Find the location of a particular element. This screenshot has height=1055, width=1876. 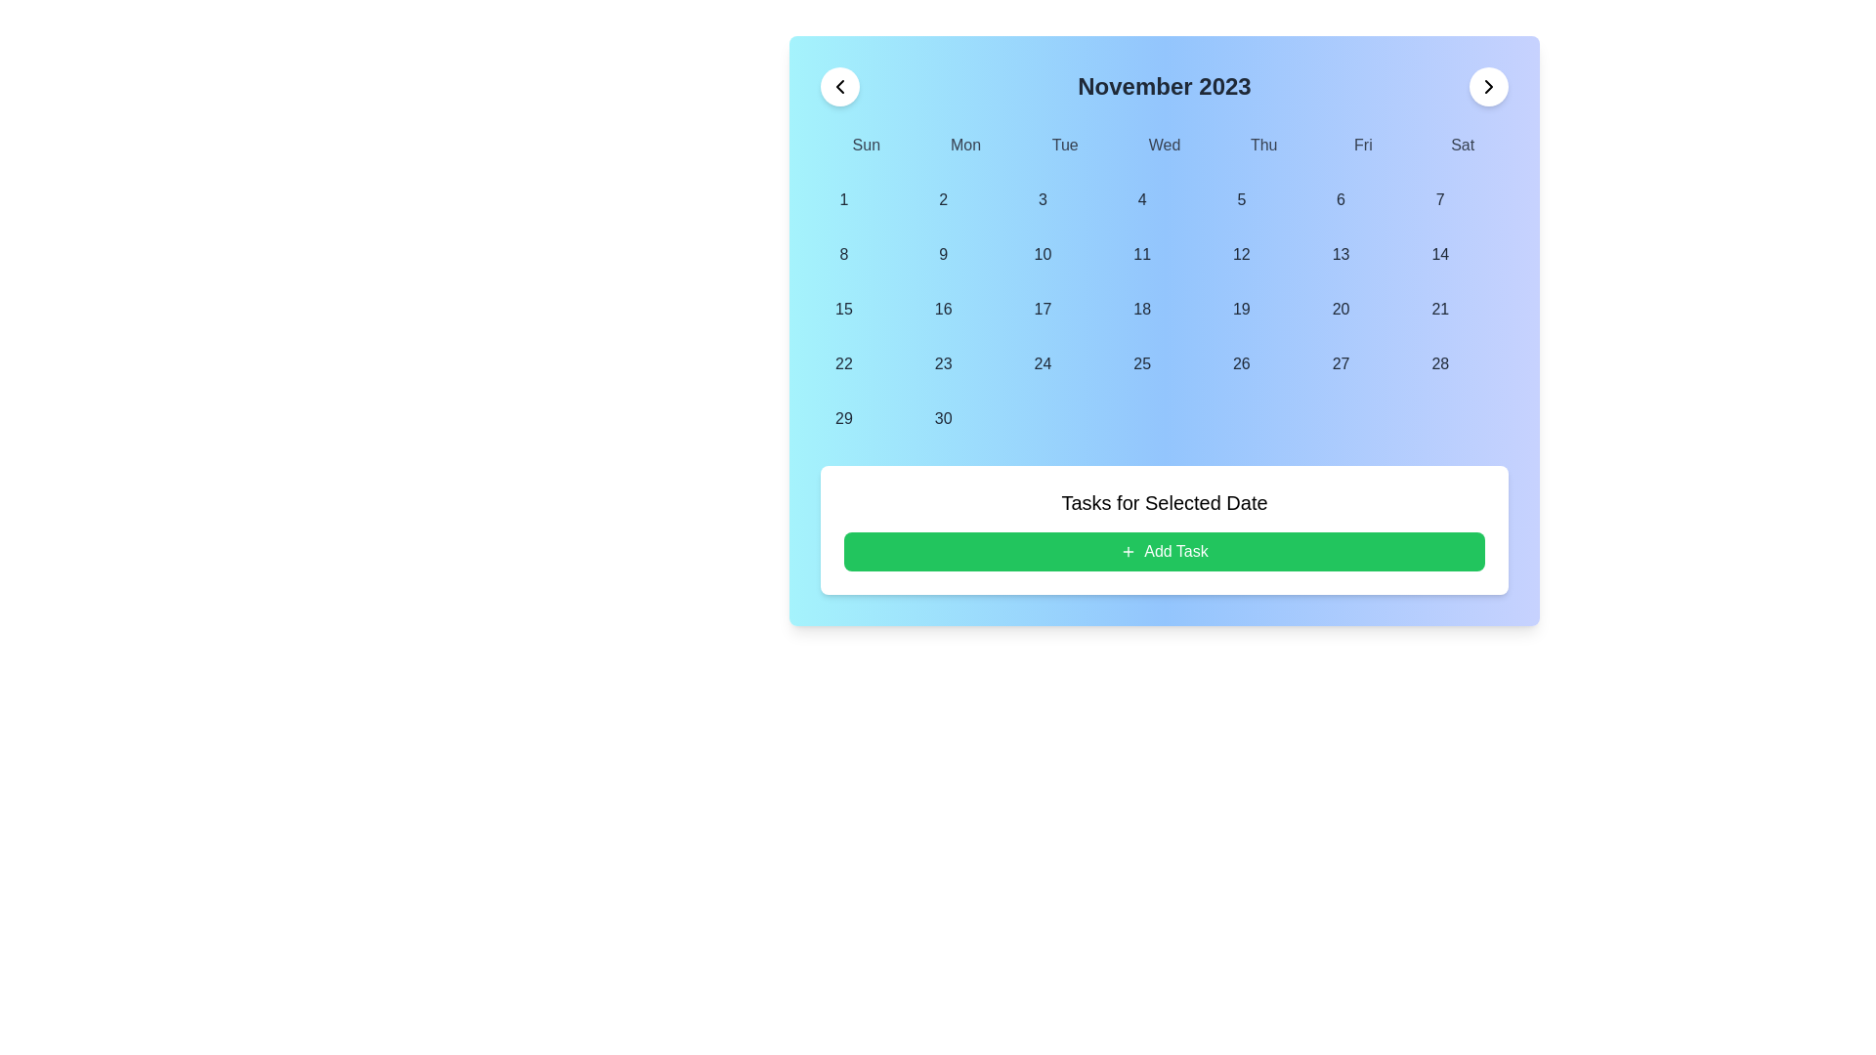

the date selection button for the 16th day in the calendar grid located in the third row and second column is located at coordinates (943, 308).